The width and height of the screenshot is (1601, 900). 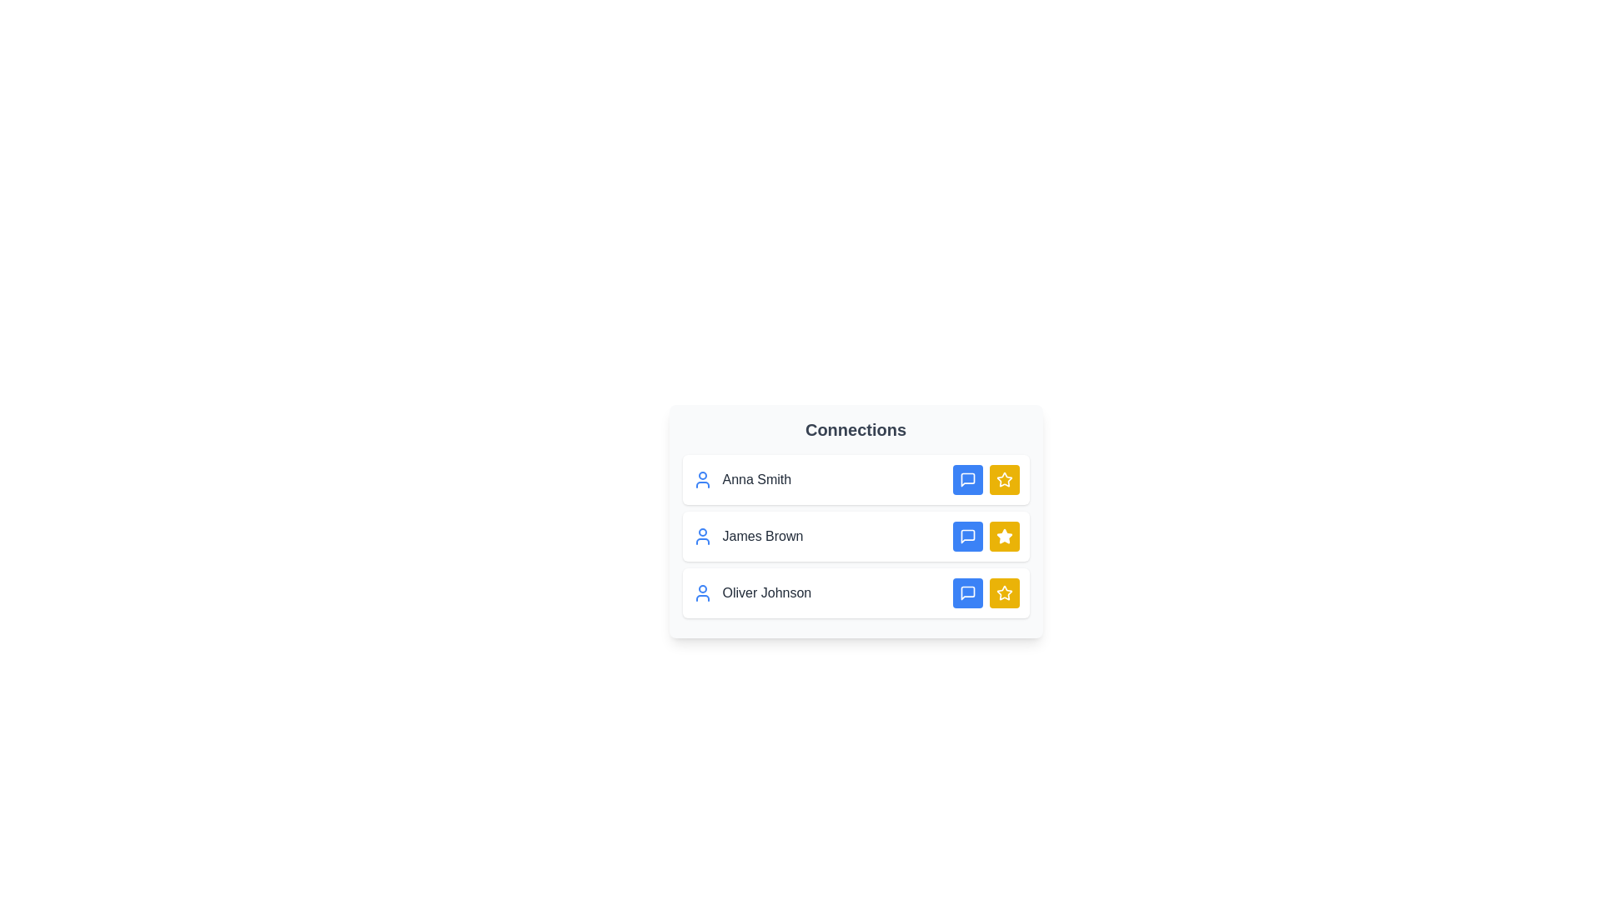 I want to click on the user icon for Oliver Johnson, so click(x=702, y=592).